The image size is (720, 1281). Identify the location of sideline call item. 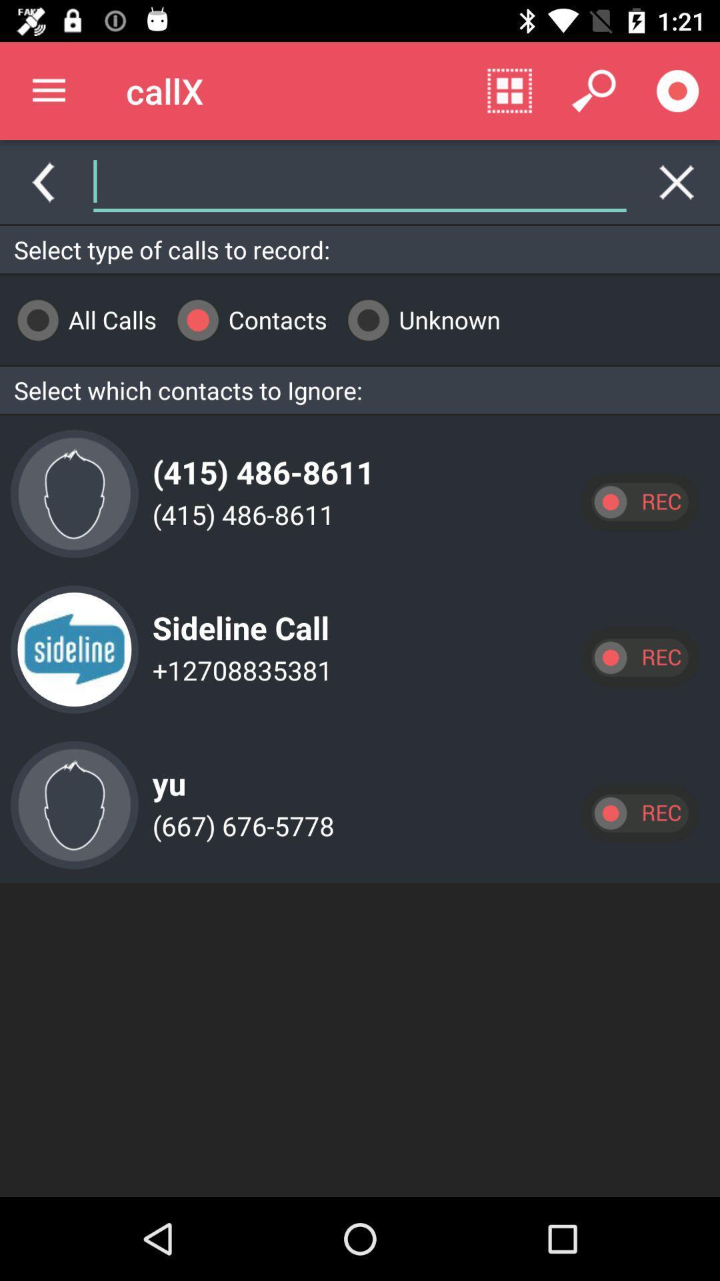
(237, 616).